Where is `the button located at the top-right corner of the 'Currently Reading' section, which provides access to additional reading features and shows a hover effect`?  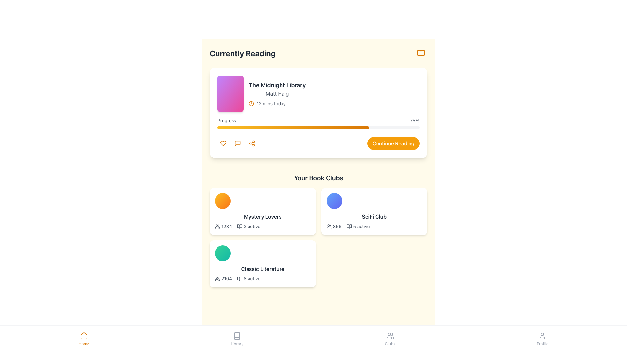
the button located at the top-right corner of the 'Currently Reading' section, which provides access to additional reading features and shows a hover effect is located at coordinates (421, 53).